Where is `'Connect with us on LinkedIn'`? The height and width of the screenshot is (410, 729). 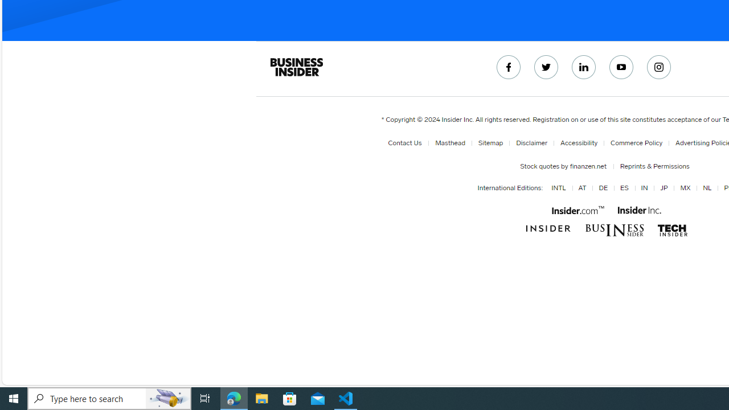
'Connect with us on LinkedIn' is located at coordinates (584, 67).